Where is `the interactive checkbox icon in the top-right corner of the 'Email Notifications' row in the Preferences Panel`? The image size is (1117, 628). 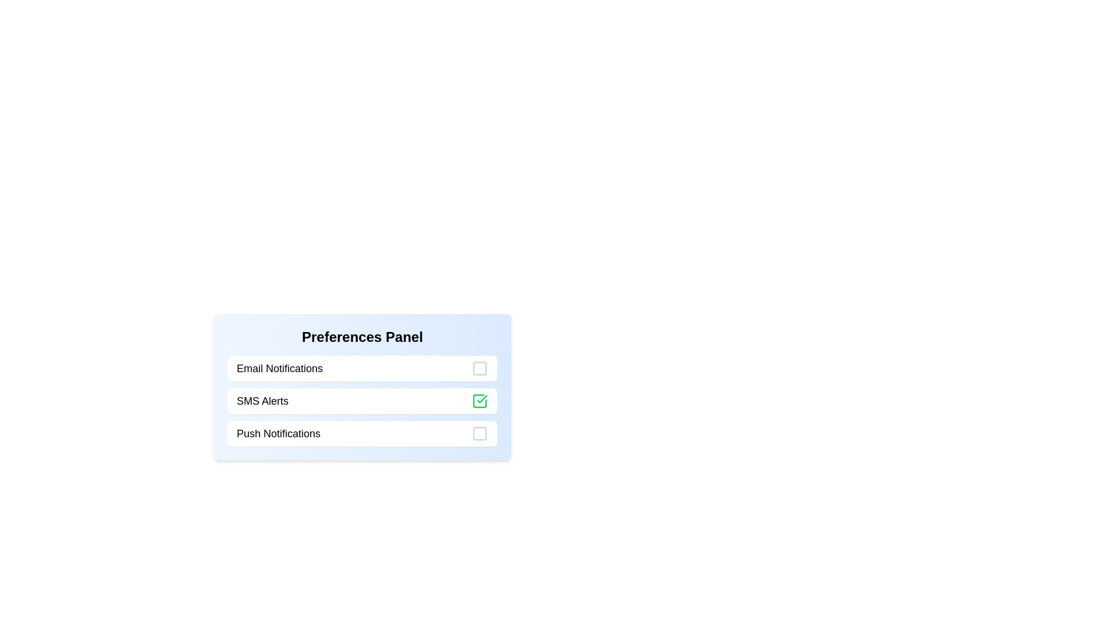 the interactive checkbox icon in the top-right corner of the 'Email Notifications' row in the Preferences Panel is located at coordinates (480, 368).